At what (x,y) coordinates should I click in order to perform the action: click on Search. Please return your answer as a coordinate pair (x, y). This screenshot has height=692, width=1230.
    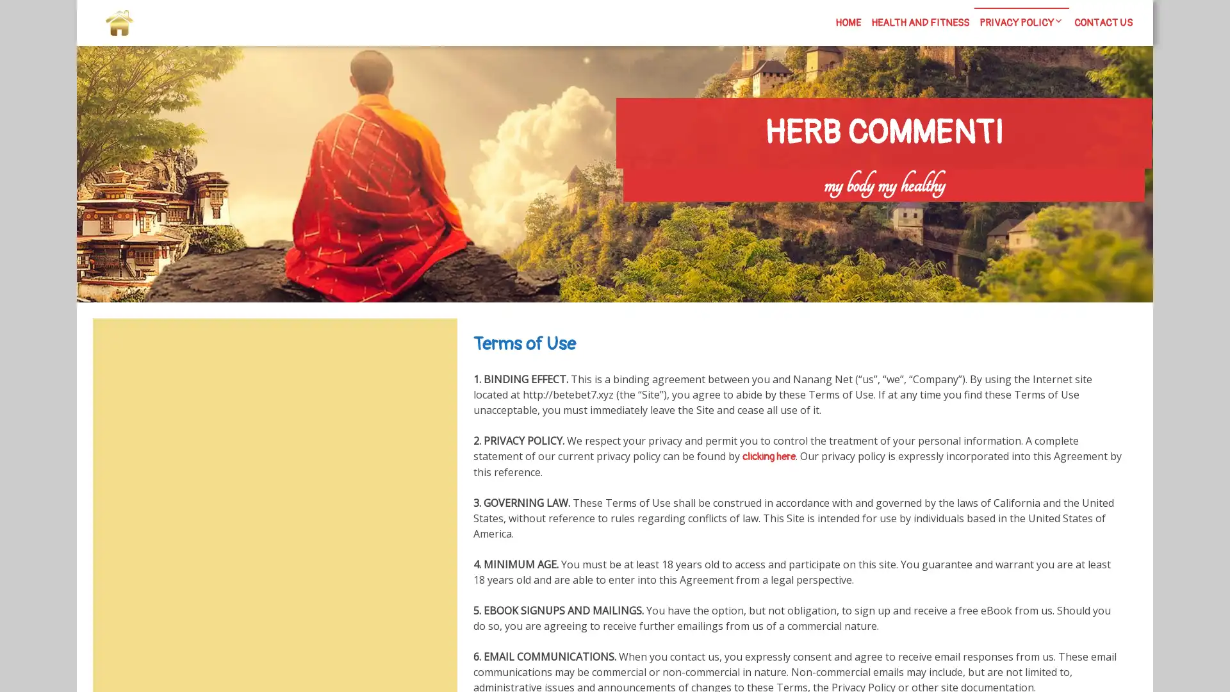
    Looking at the image, I should click on (997, 210).